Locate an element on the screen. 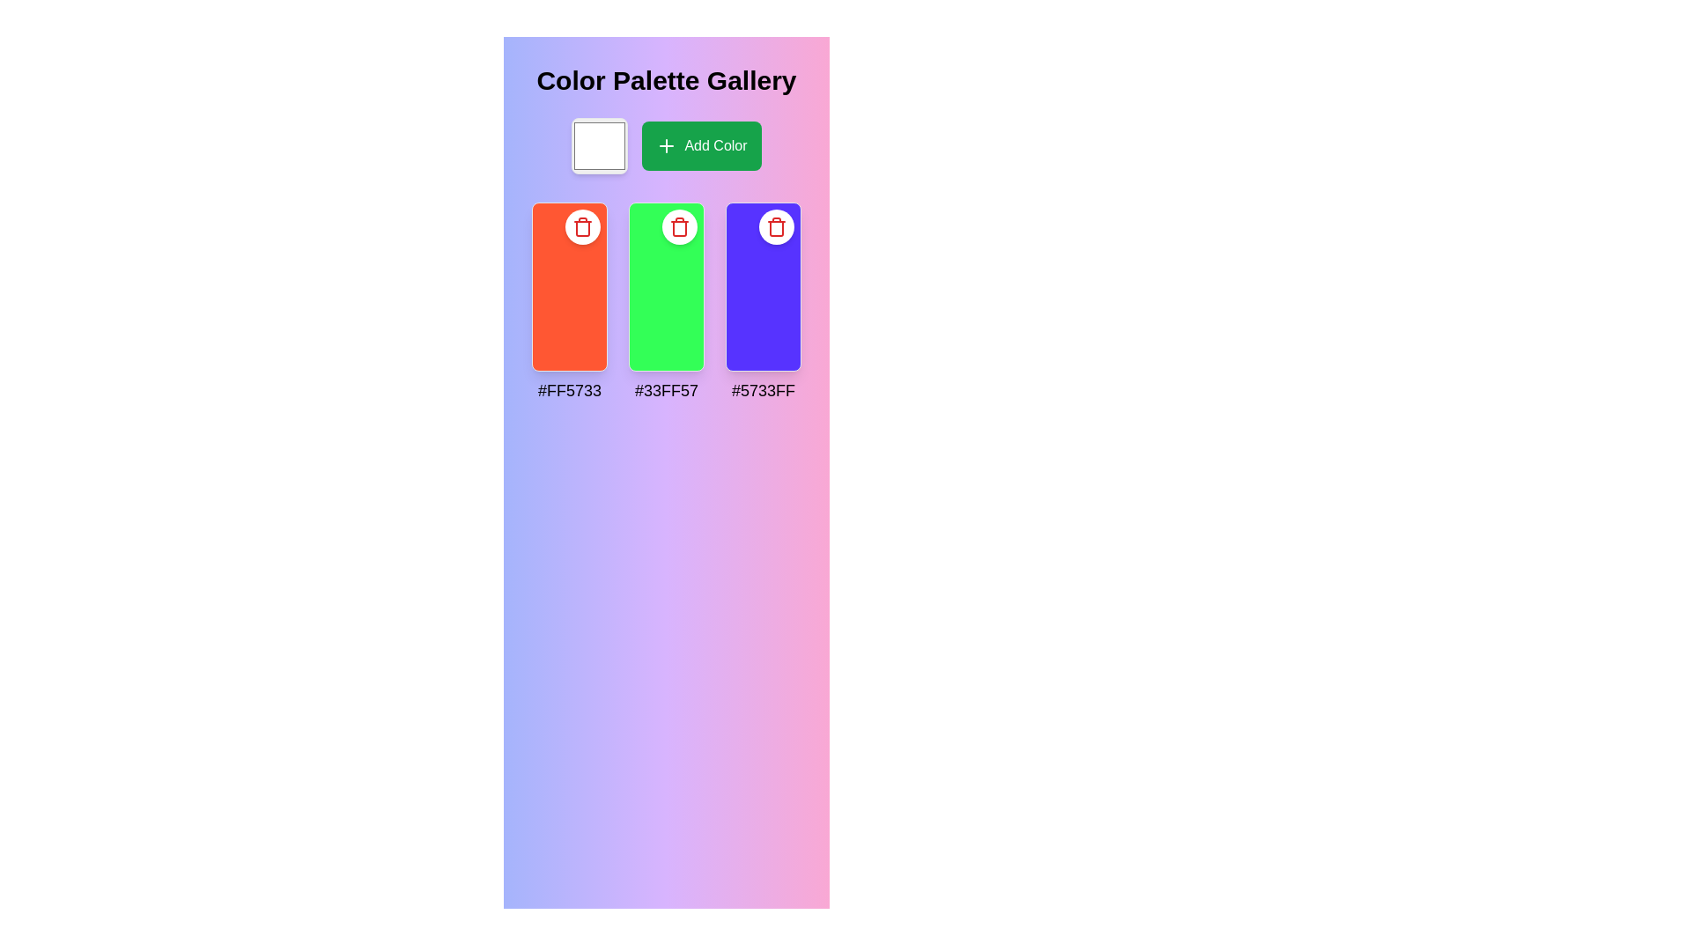 The image size is (1691, 951). the plus icon within the 'Add Color' button, which is a green rounded rectangular button featuring a bold plus icon on the left side of the label is located at coordinates (666, 144).